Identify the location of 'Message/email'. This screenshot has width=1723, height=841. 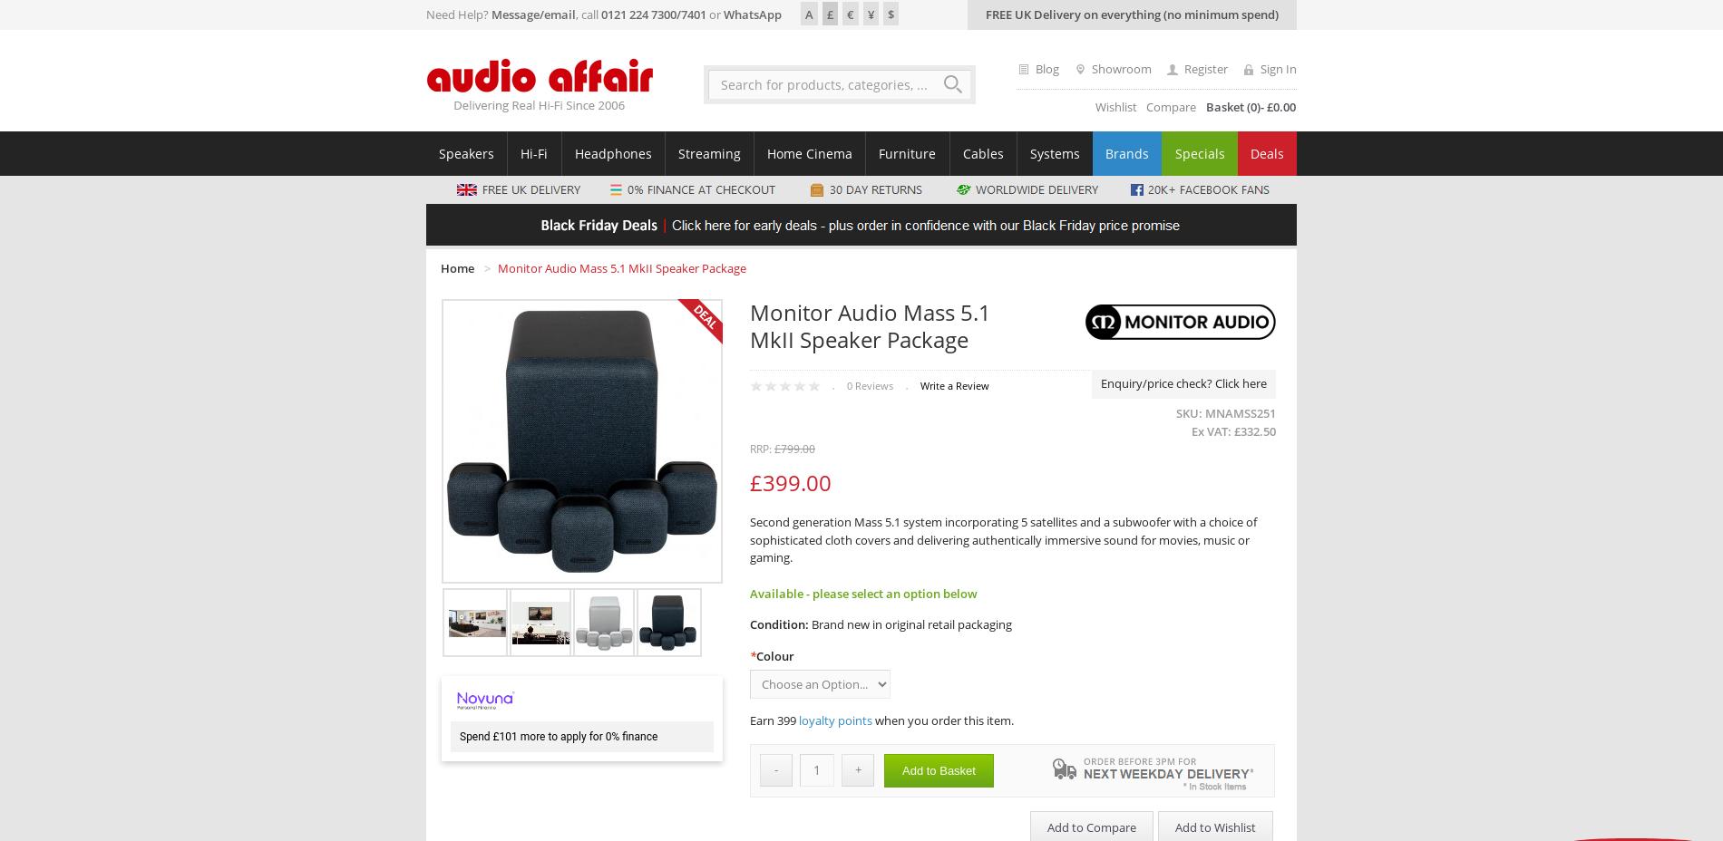
(533, 13).